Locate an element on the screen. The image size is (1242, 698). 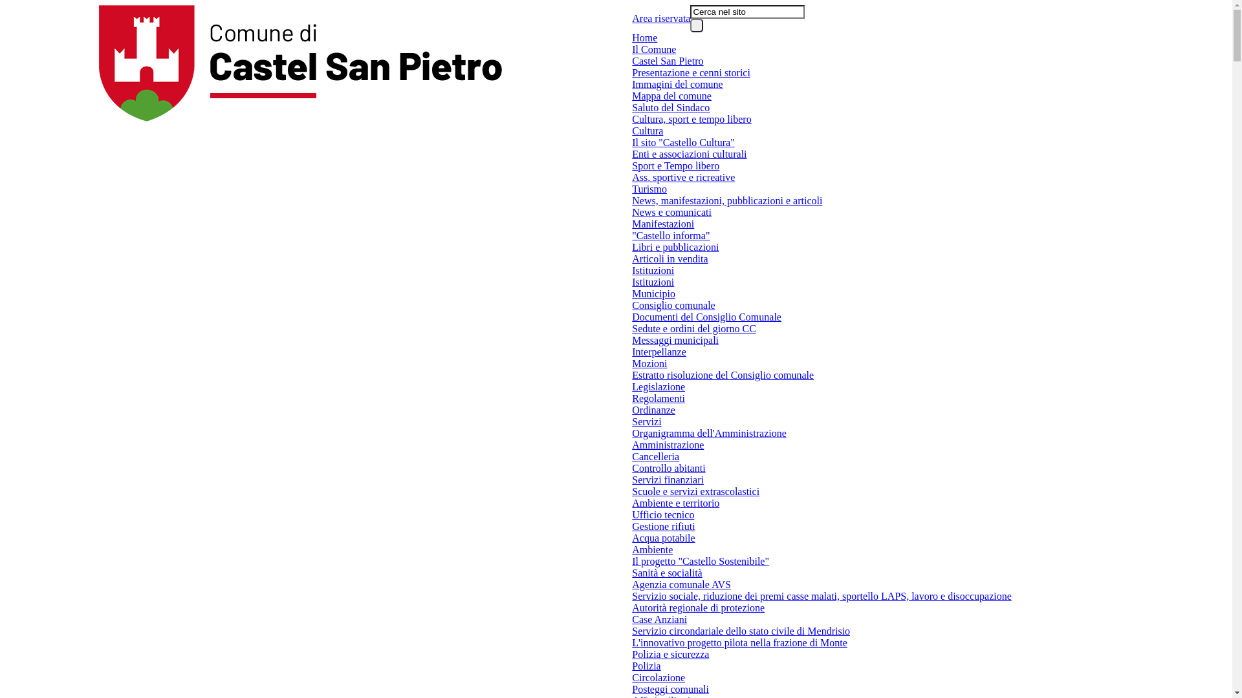
'Servizio circondariale dello stato civile di Mendrisio' is located at coordinates (741, 630).